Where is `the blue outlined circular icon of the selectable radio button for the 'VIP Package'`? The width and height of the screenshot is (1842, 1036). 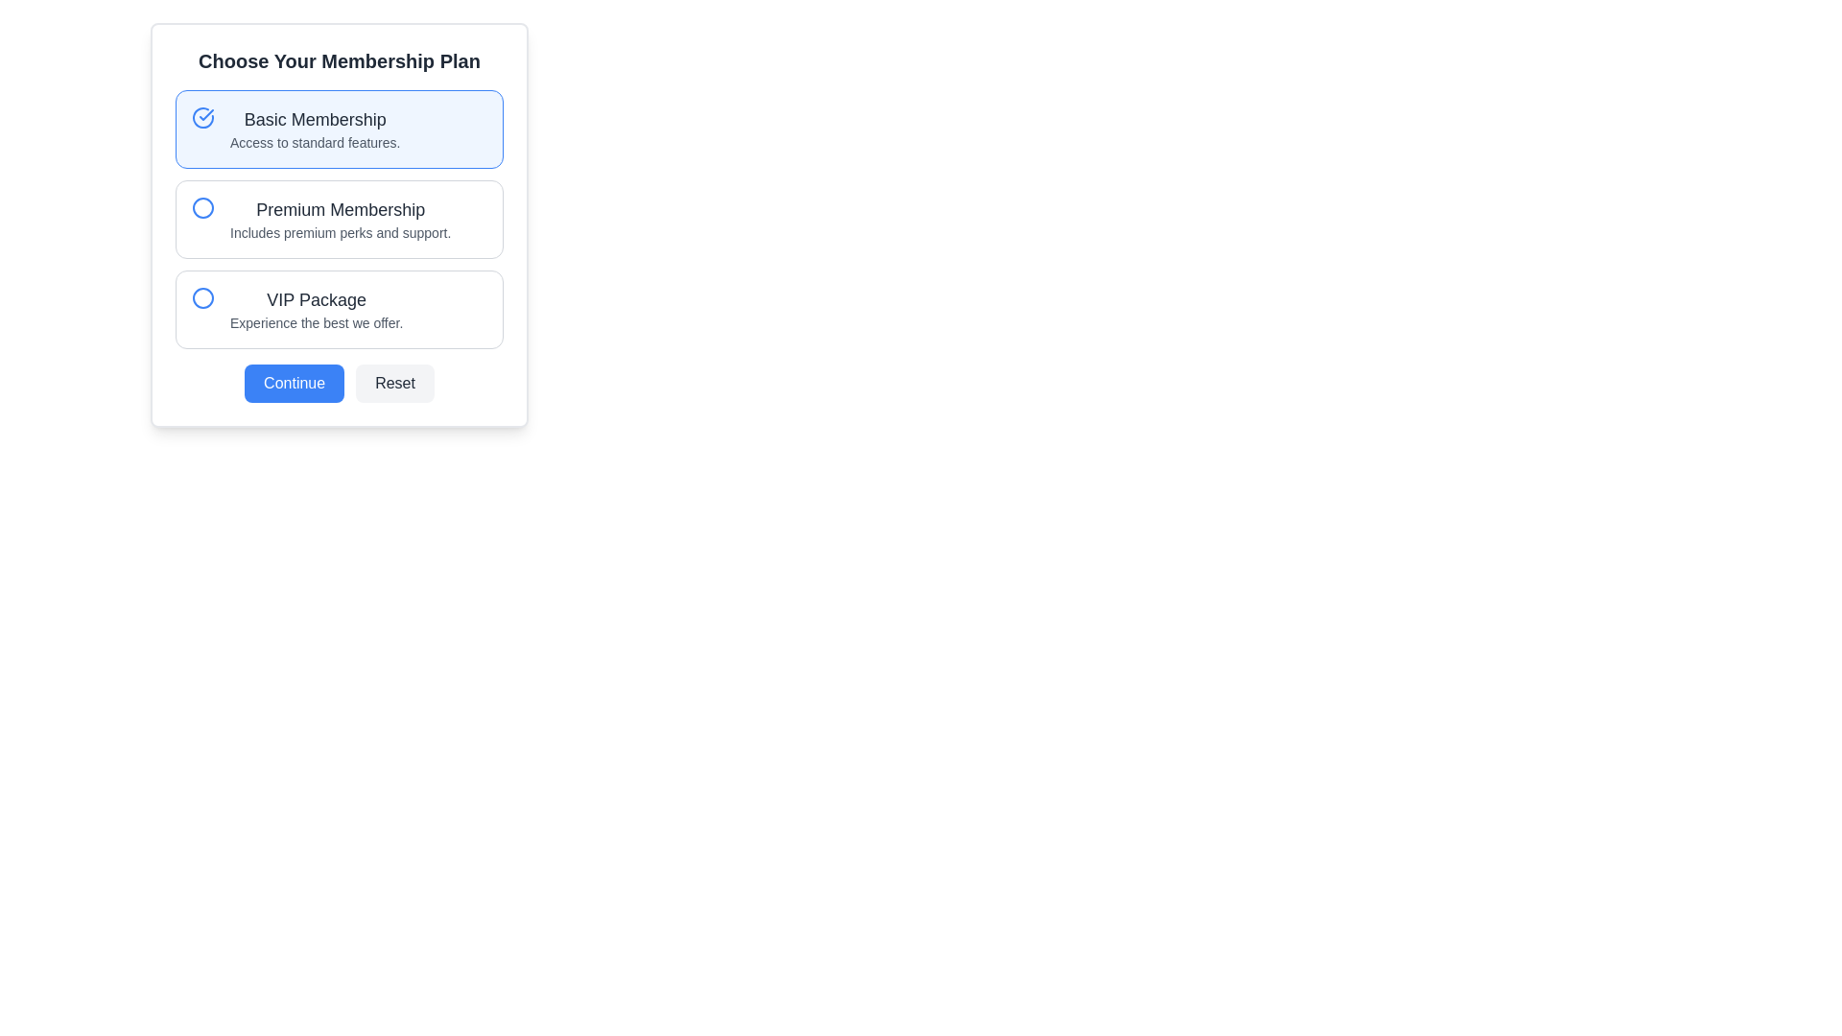 the blue outlined circular icon of the selectable radio button for the 'VIP Package' is located at coordinates (202, 298).